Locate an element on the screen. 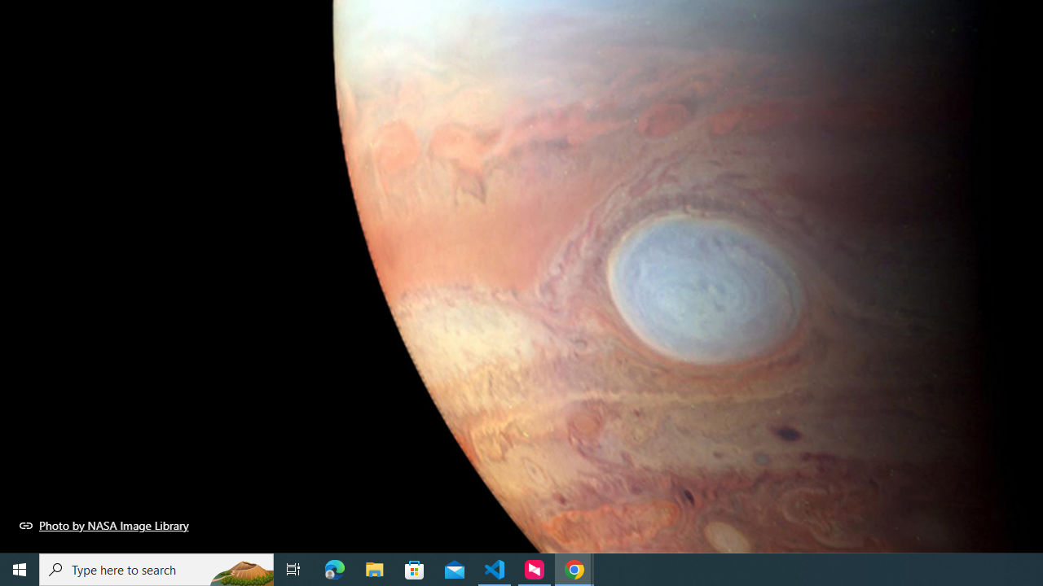  'Photo by NASA Image Library' is located at coordinates (103, 525).